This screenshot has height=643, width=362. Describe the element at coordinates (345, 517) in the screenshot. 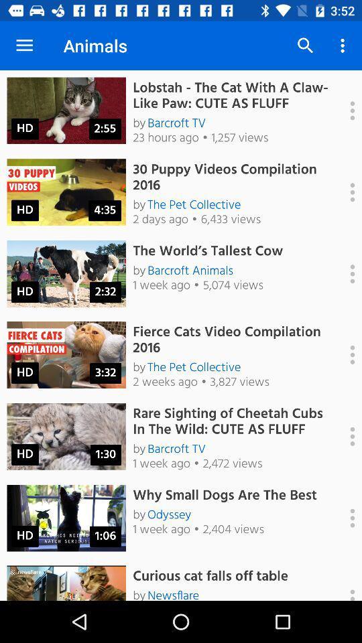

I see `more info` at that location.